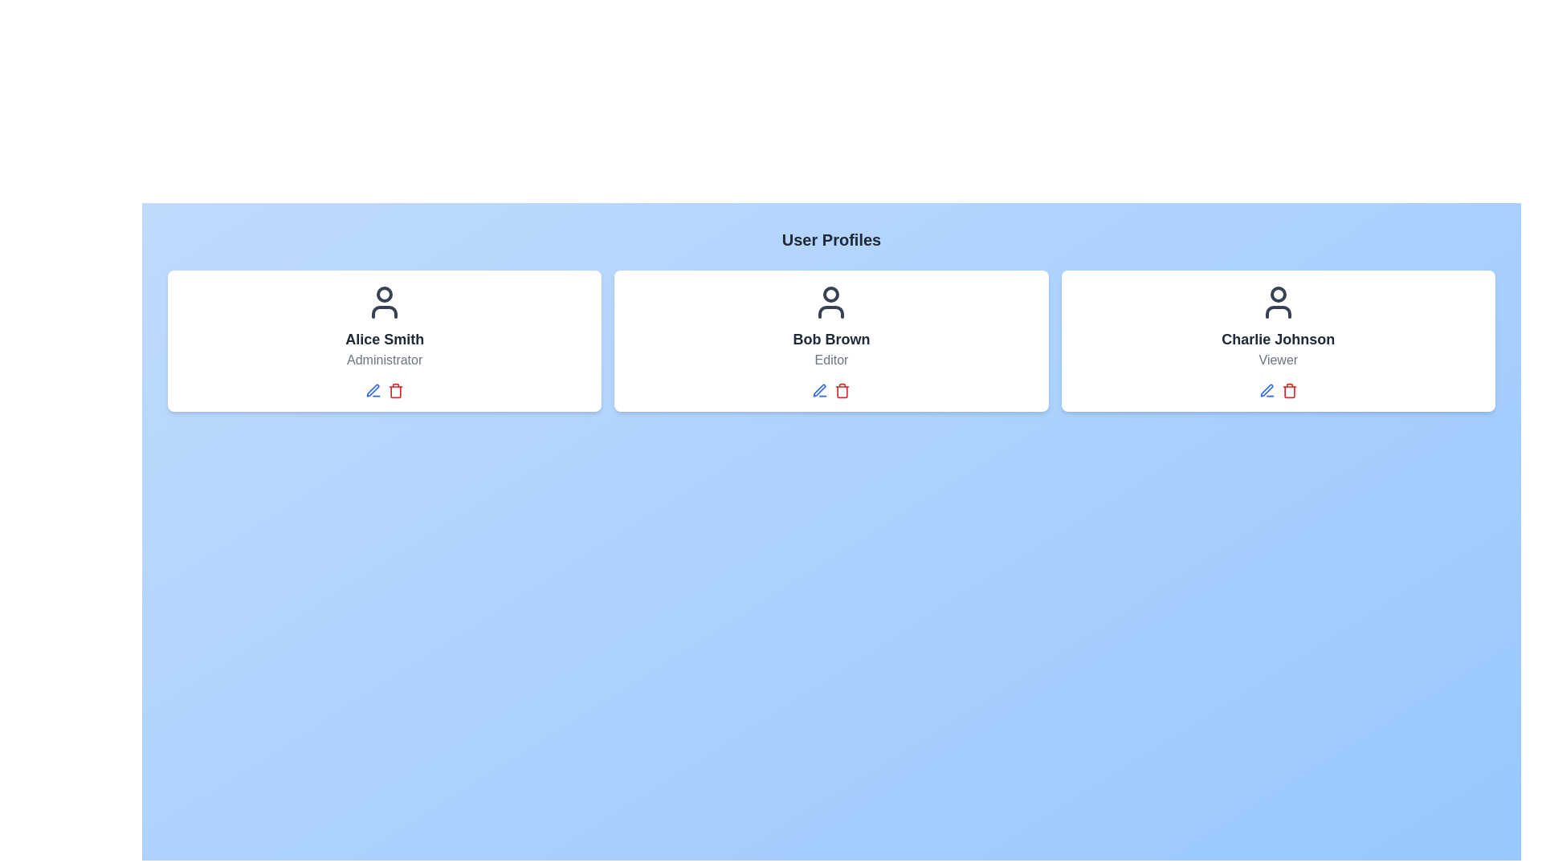 The width and height of the screenshot is (1542, 867). Describe the element at coordinates (1277, 339) in the screenshot. I see `text label displaying 'Charlie Johnson' which is styled in bold dark gray and positioned below a user icon and above the label 'Viewer' in the rightmost card of three horizontally-aligned cards` at that location.